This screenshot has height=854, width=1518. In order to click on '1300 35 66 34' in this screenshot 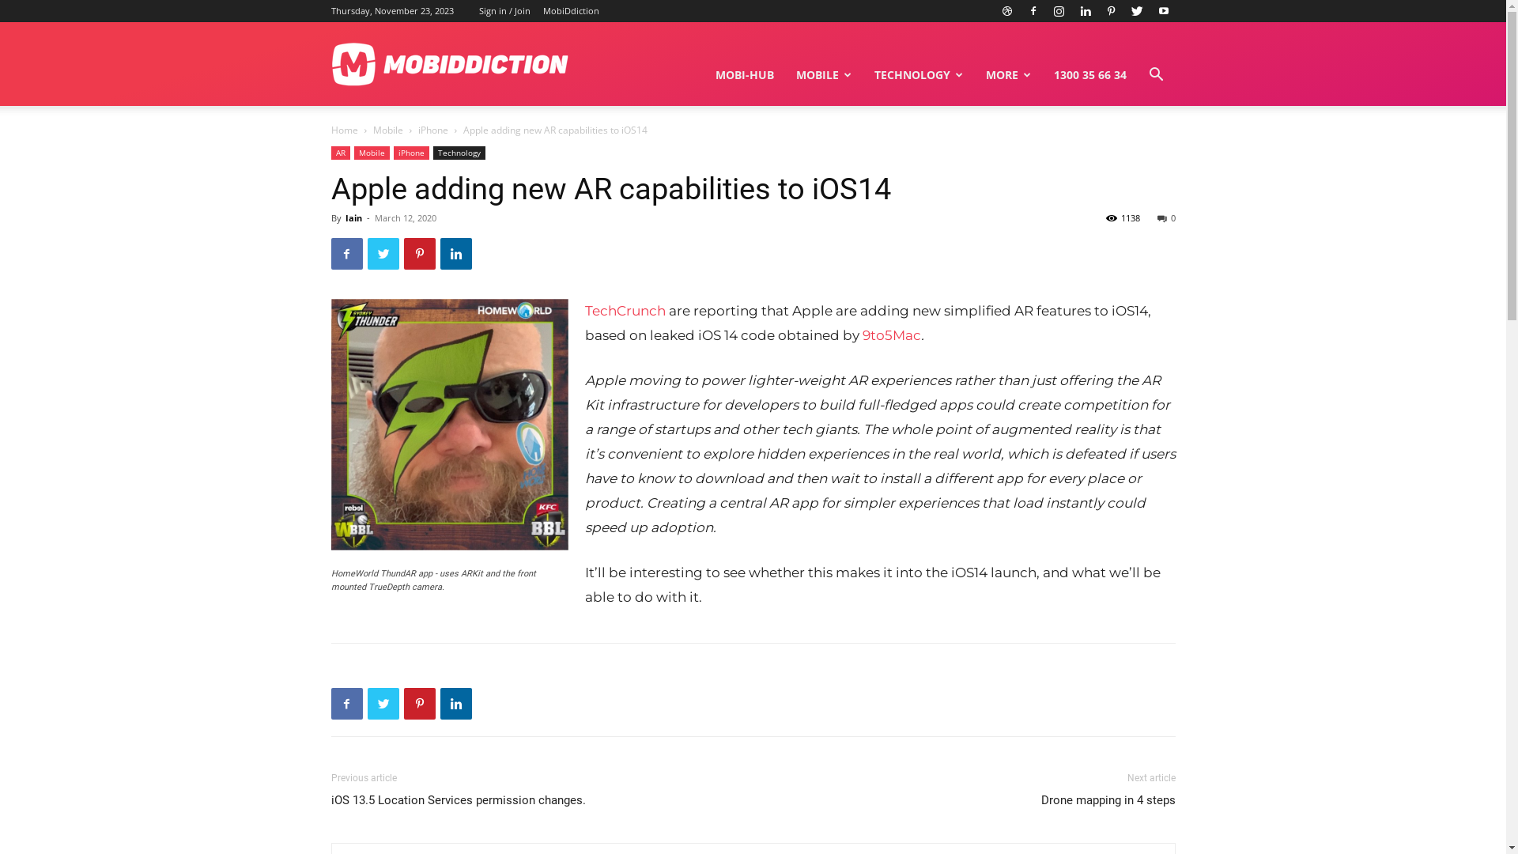, I will do `click(1088, 75)`.